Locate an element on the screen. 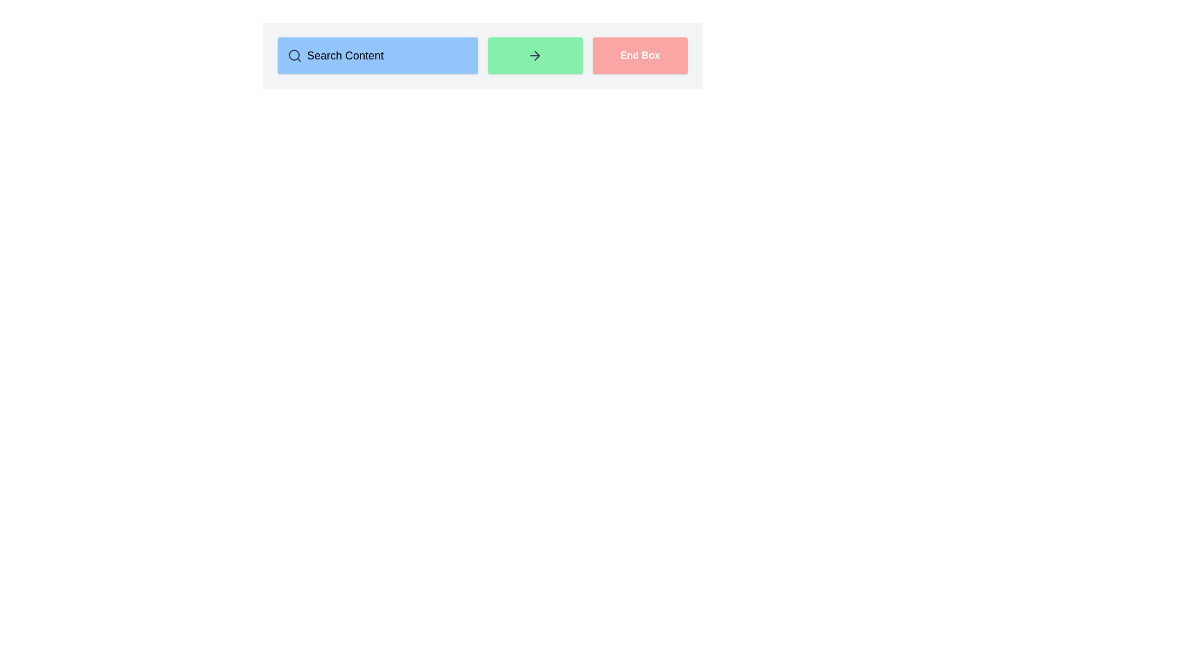 This screenshot has width=1177, height=662. the circular element located at the center of the magnifying glass icon, which is part of the 'Search Content' button is located at coordinates (294, 54).